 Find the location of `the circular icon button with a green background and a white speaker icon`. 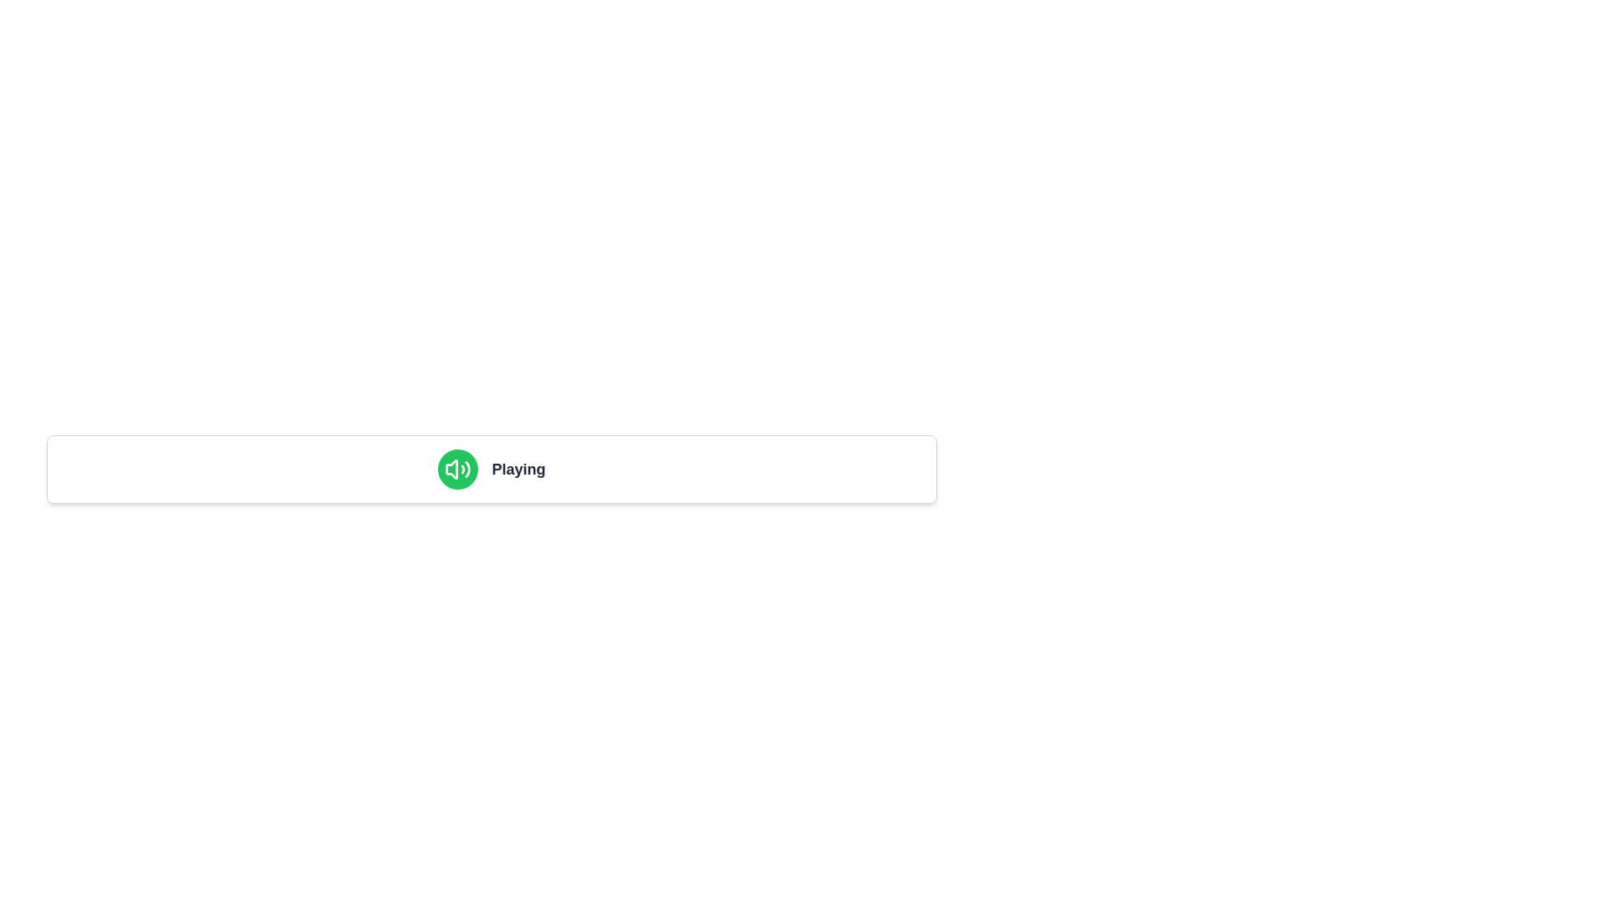

the circular icon button with a green background and a white speaker icon is located at coordinates (458, 469).